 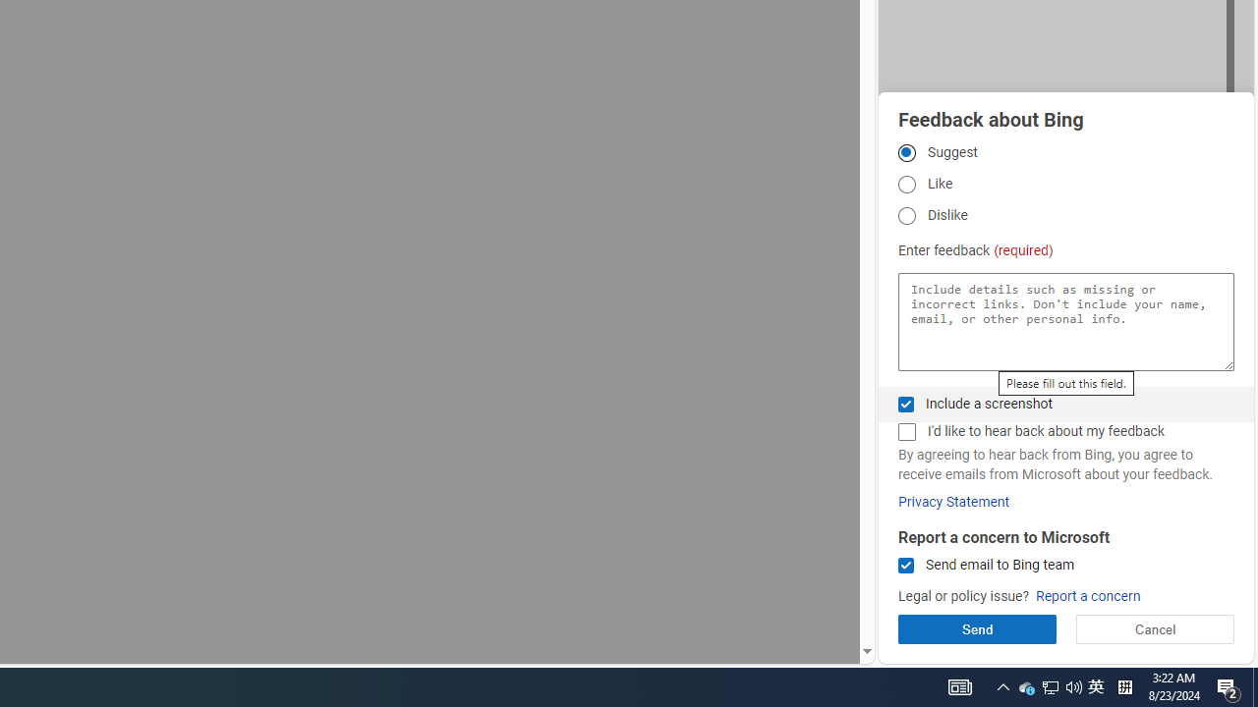 I want to click on 'Send', so click(x=977, y=628).